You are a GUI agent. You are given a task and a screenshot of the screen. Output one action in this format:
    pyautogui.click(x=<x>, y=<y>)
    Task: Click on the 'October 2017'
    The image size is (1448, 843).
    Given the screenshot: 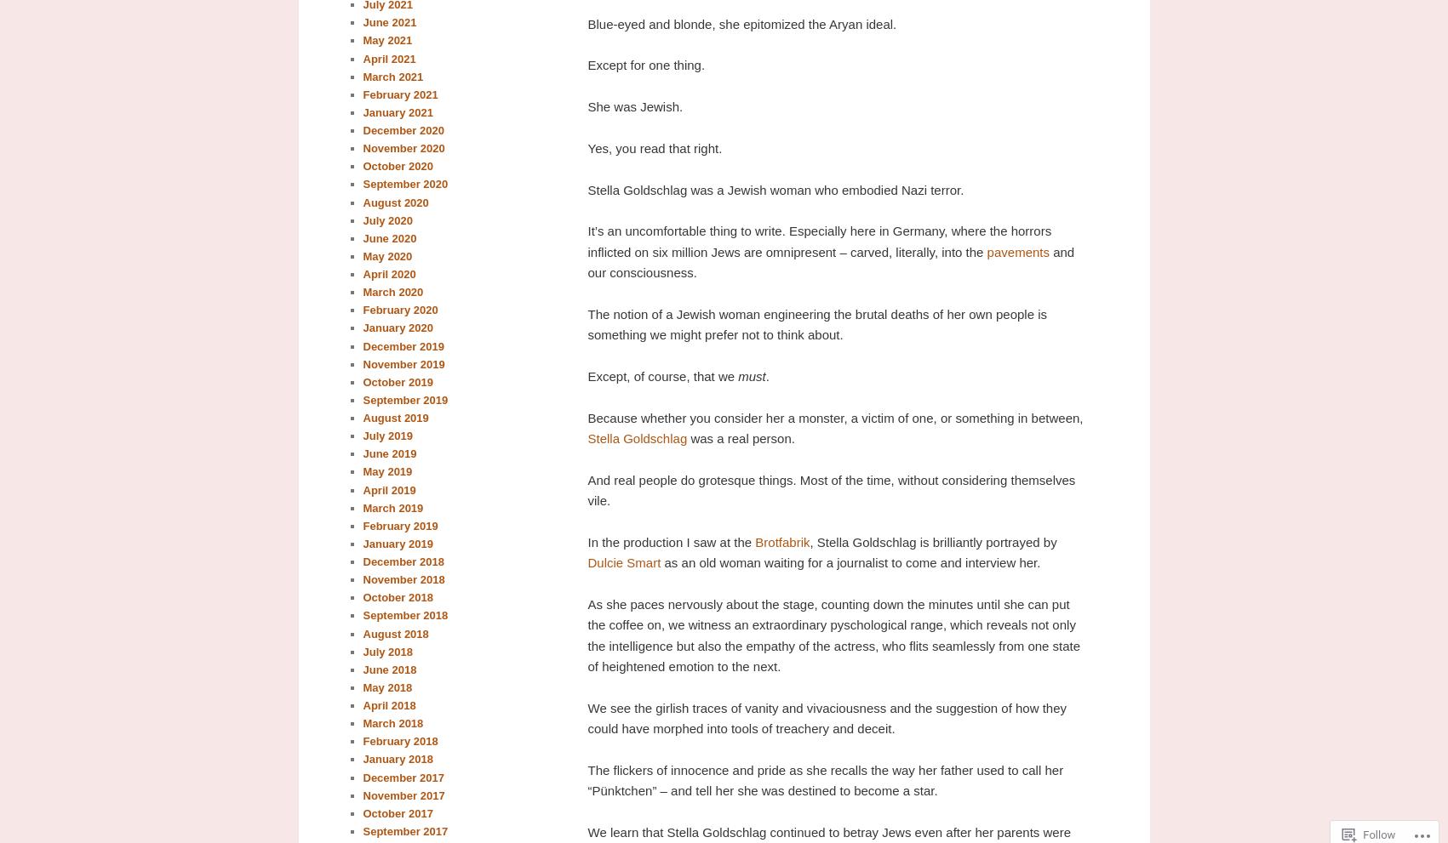 What is the action you would take?
    pyautogui.click(x=396, y=812)
    